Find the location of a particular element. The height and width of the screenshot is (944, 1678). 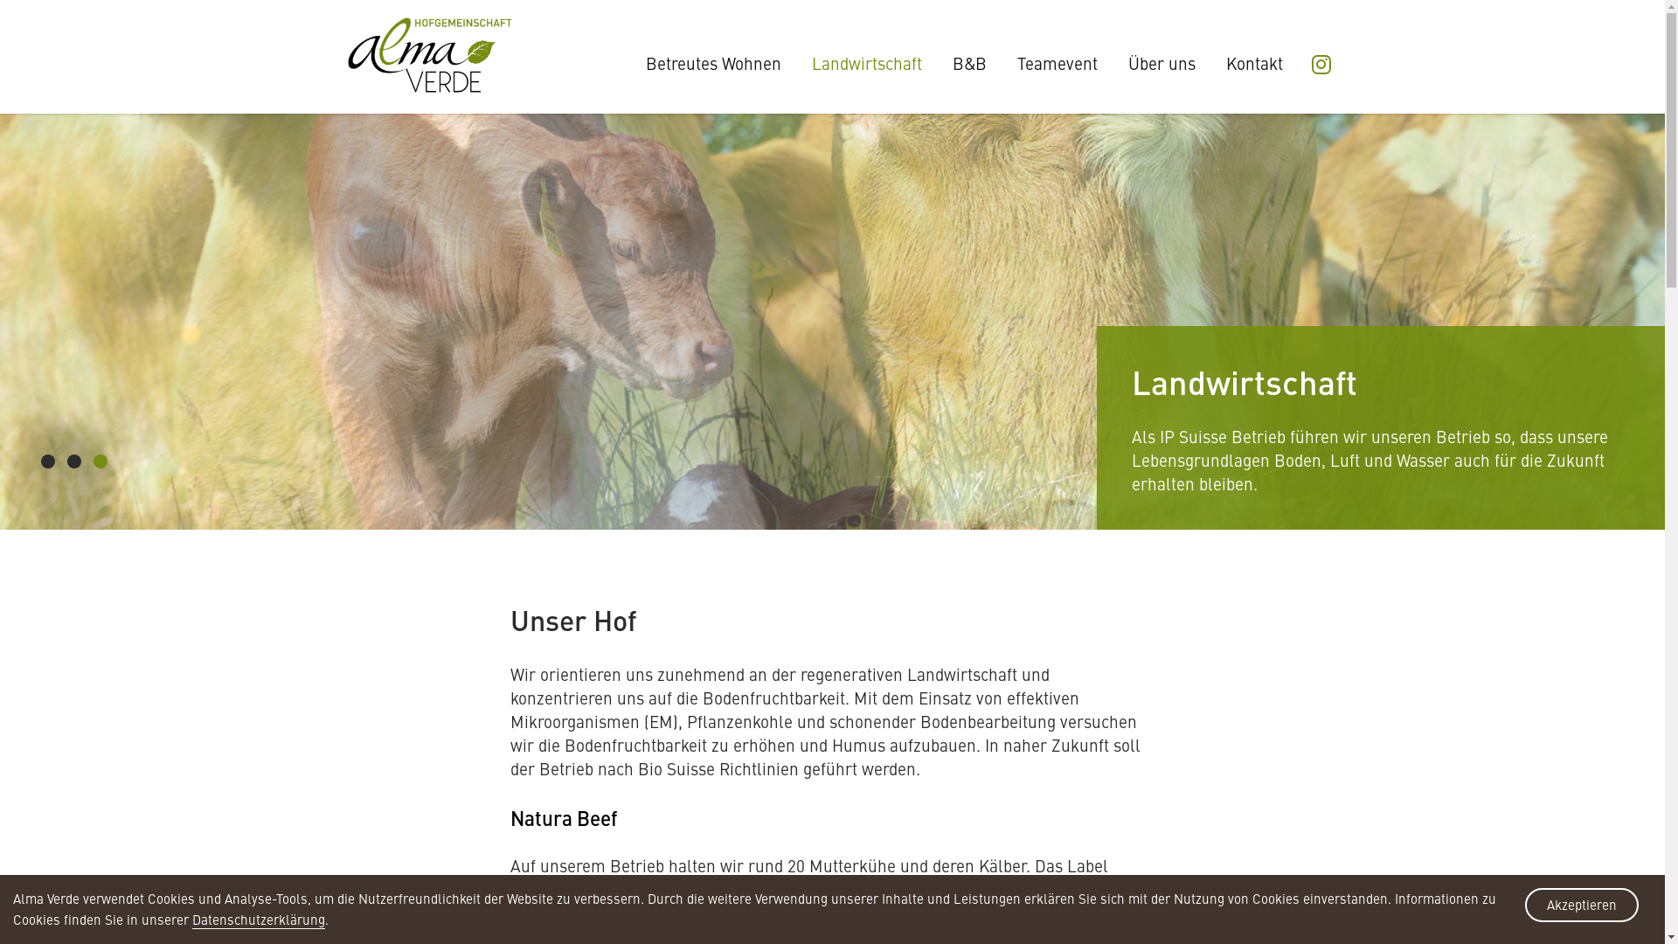

'B&B' is located at coordinates (968, 62).